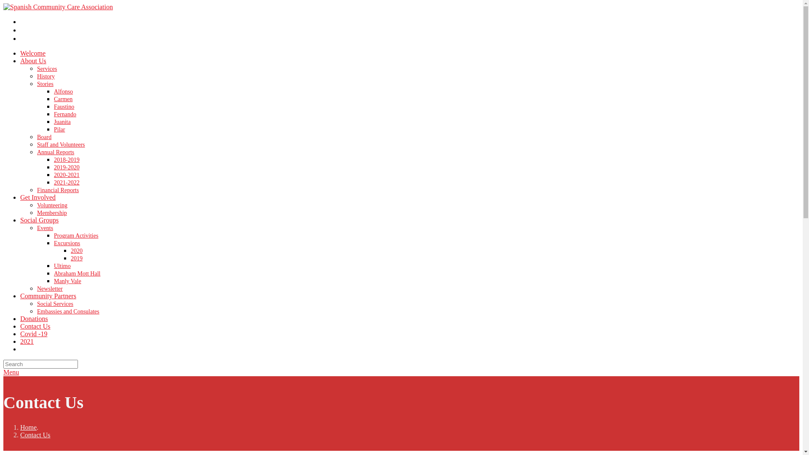 This screenshot has width=809, height=455. I want to click on 'Covid -19', so click(34, 333).